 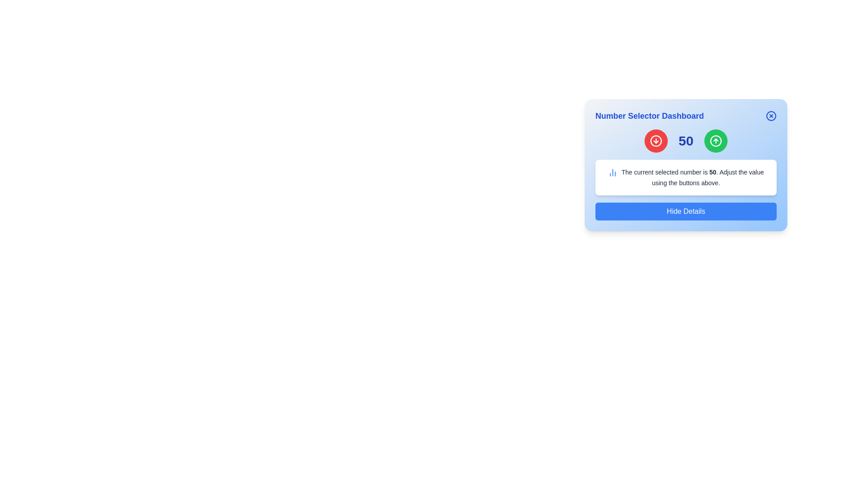 What do you see at coordinates (692, 177) in the screenshot?
I see `the informational text block displaying the message: 'The current selected number is 50. Adjust the value using the buttons above.' which is styled in gray and positioned below the number display '50'` at bounding box center [692, 177].